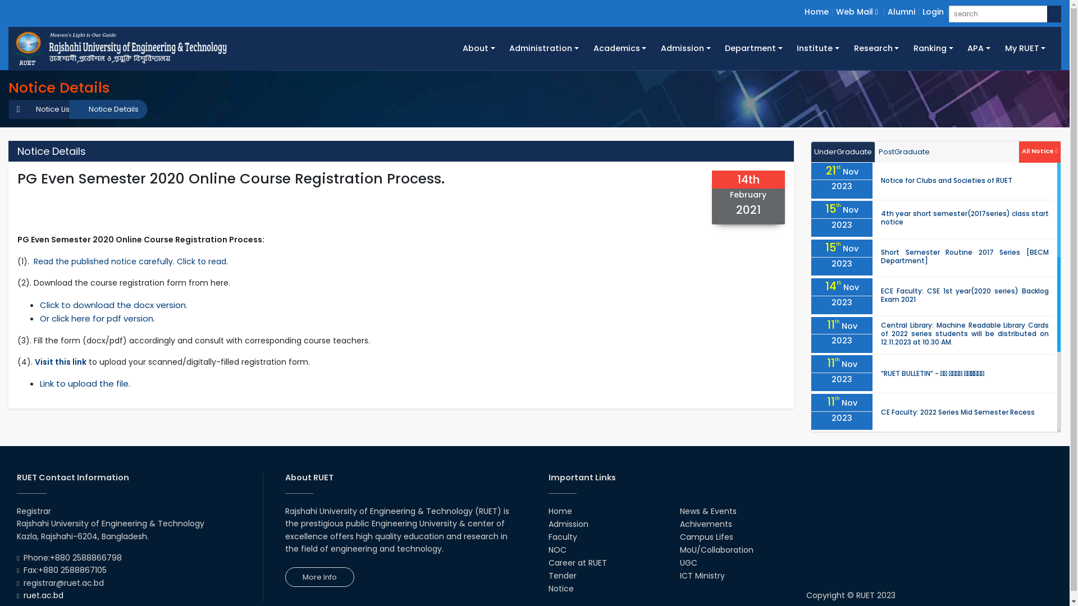 The width and height of the screenshot is (1078, 606). Describe the element at coordinates (547, 536) in the screenshot. I see `'Faculty'` at that location.